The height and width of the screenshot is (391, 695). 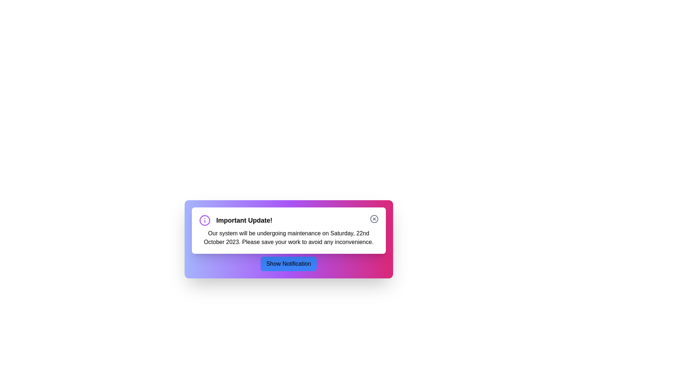 I want to click on close button located at the top-right corner of the notification card, so click(x=374, y=219).